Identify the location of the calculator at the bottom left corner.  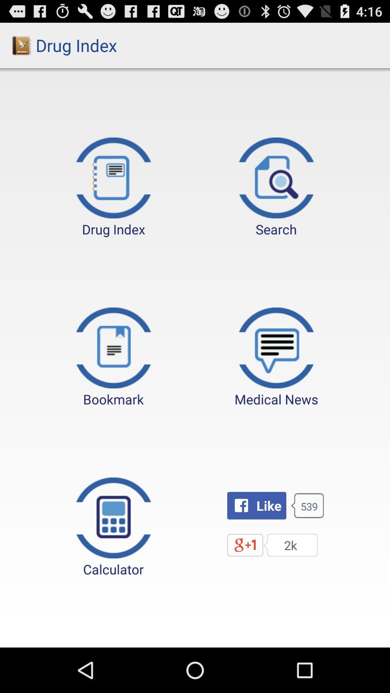
(113, 528).